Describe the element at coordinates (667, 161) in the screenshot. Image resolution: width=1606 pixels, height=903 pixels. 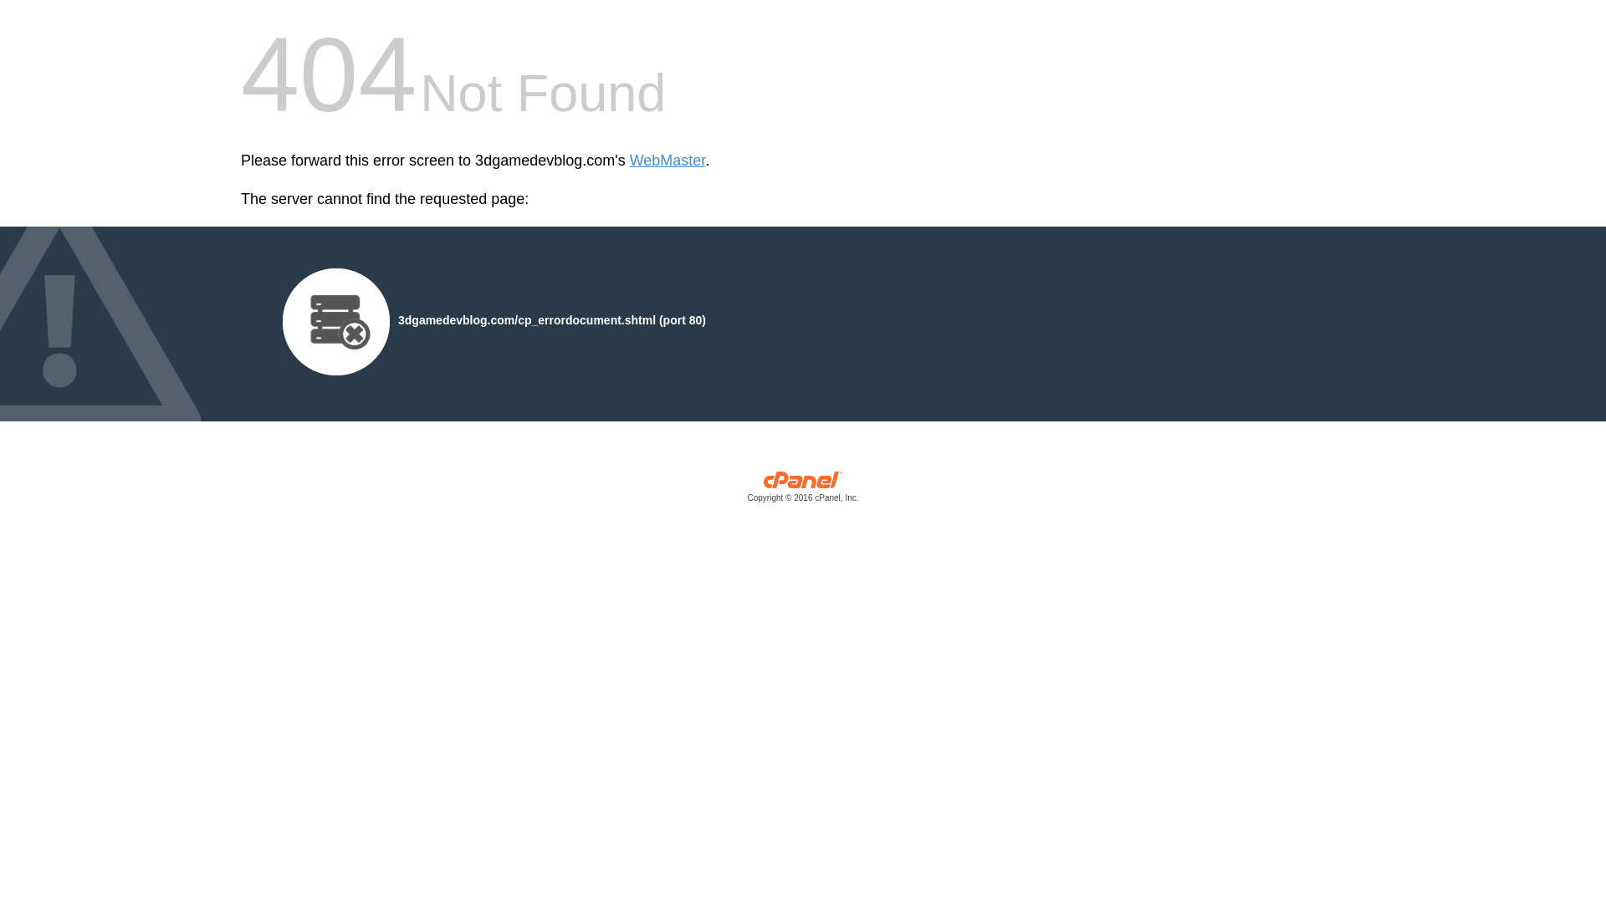
I see `'WebMaster'` at that location.